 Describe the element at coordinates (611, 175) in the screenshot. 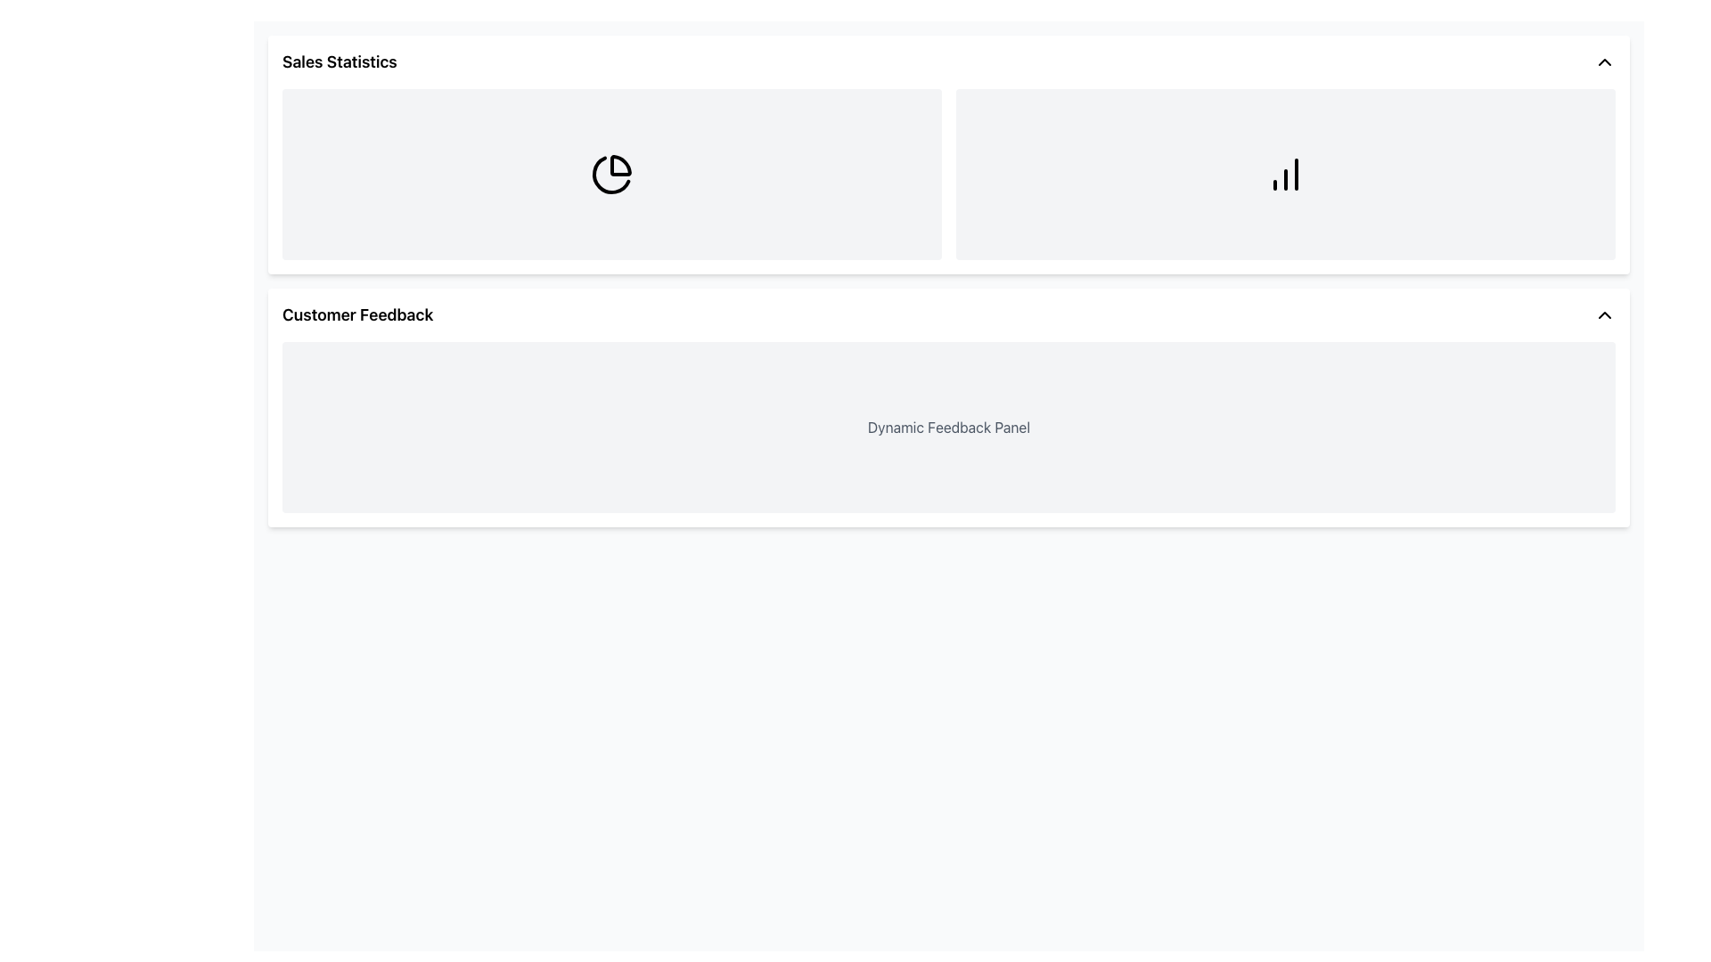

I see `the pie-chart-like icon that is centered under the 'Sales Statistics' section, which has a minimalist black line style design` at that location.